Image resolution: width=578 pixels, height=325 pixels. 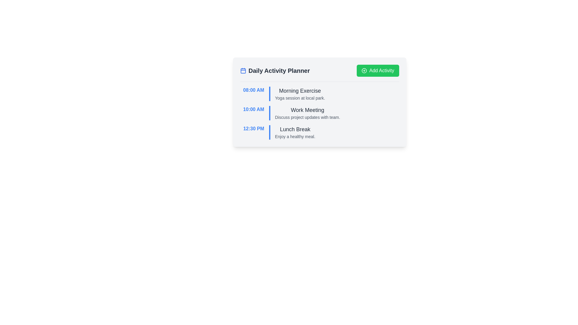 I want to click on the Text Label representing the title of the scheduled activity at '10:00 AM' in the 'Daily Activity Planner' interface, so click(x=307, y=110).